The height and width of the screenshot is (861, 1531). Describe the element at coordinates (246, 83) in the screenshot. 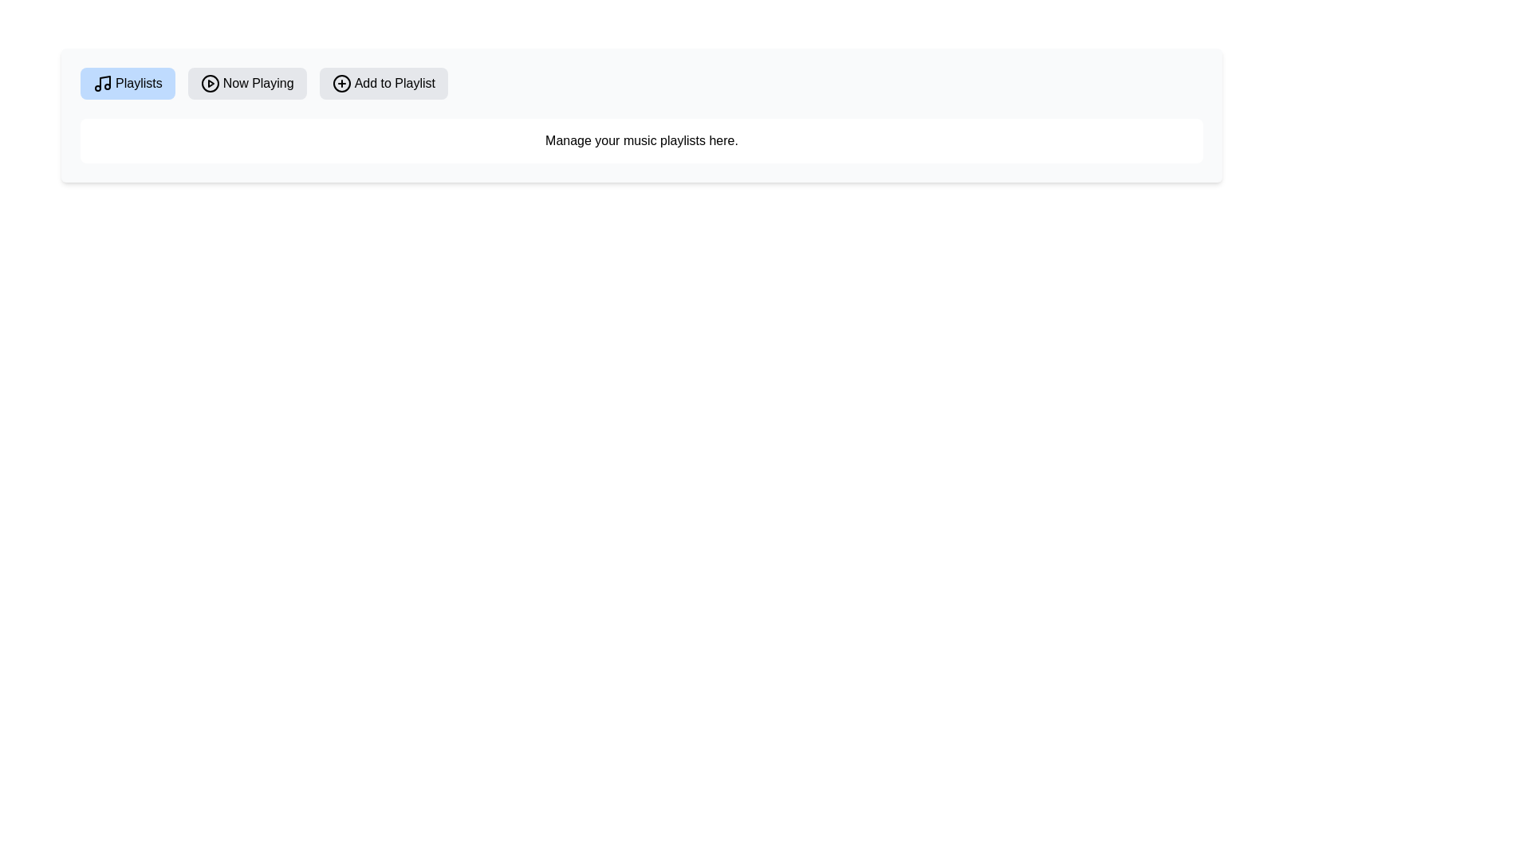

I see `the tab labeled Now Playing` at that location.